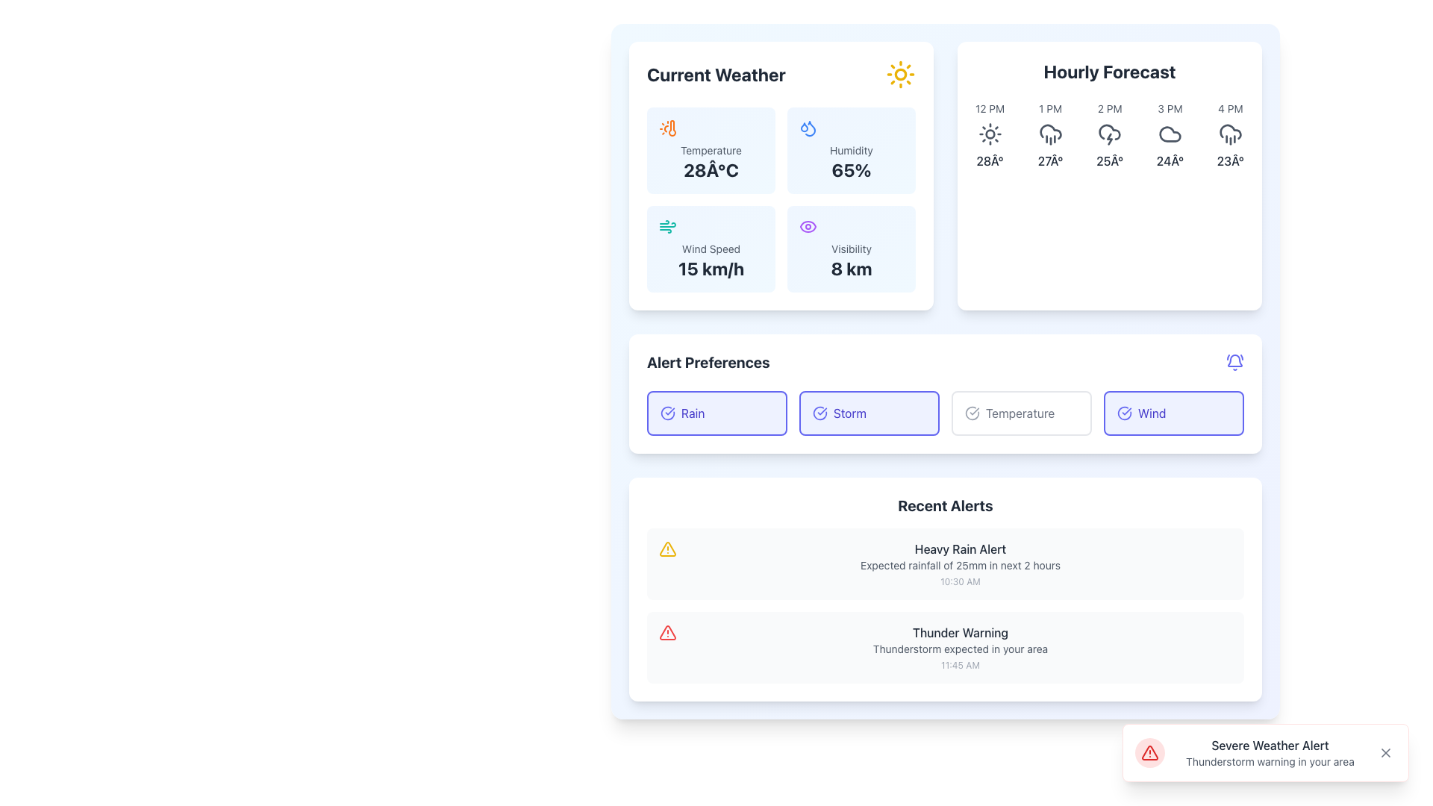  Describe the element at coordinates (666, 413) in the screenshot. I see `the circular indigo checkmark icon located in the 'Alert Preferences' section, positioned to the left of the 'Rain' text` at that location.